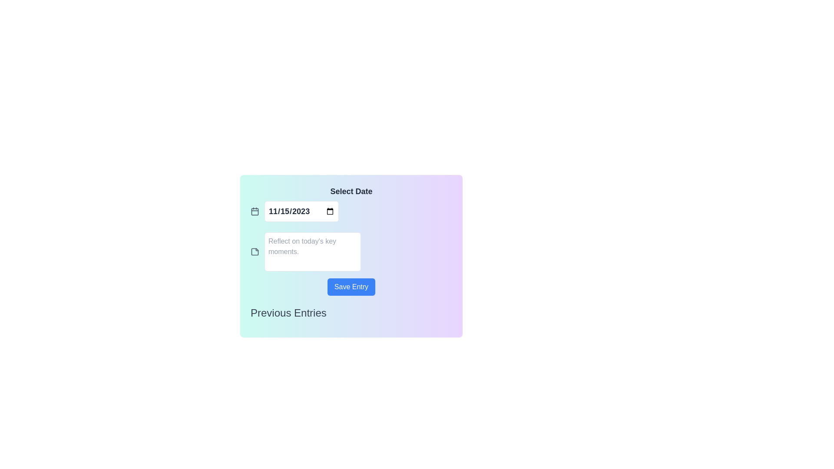  Describe the element at coordinates (254, 251) in the screenshot. I see `the sticky note icon, which is a gray stylized square with a folded corner effect, located near the top left corner of the text input box below the '11/15/2023' date input field` at that location.